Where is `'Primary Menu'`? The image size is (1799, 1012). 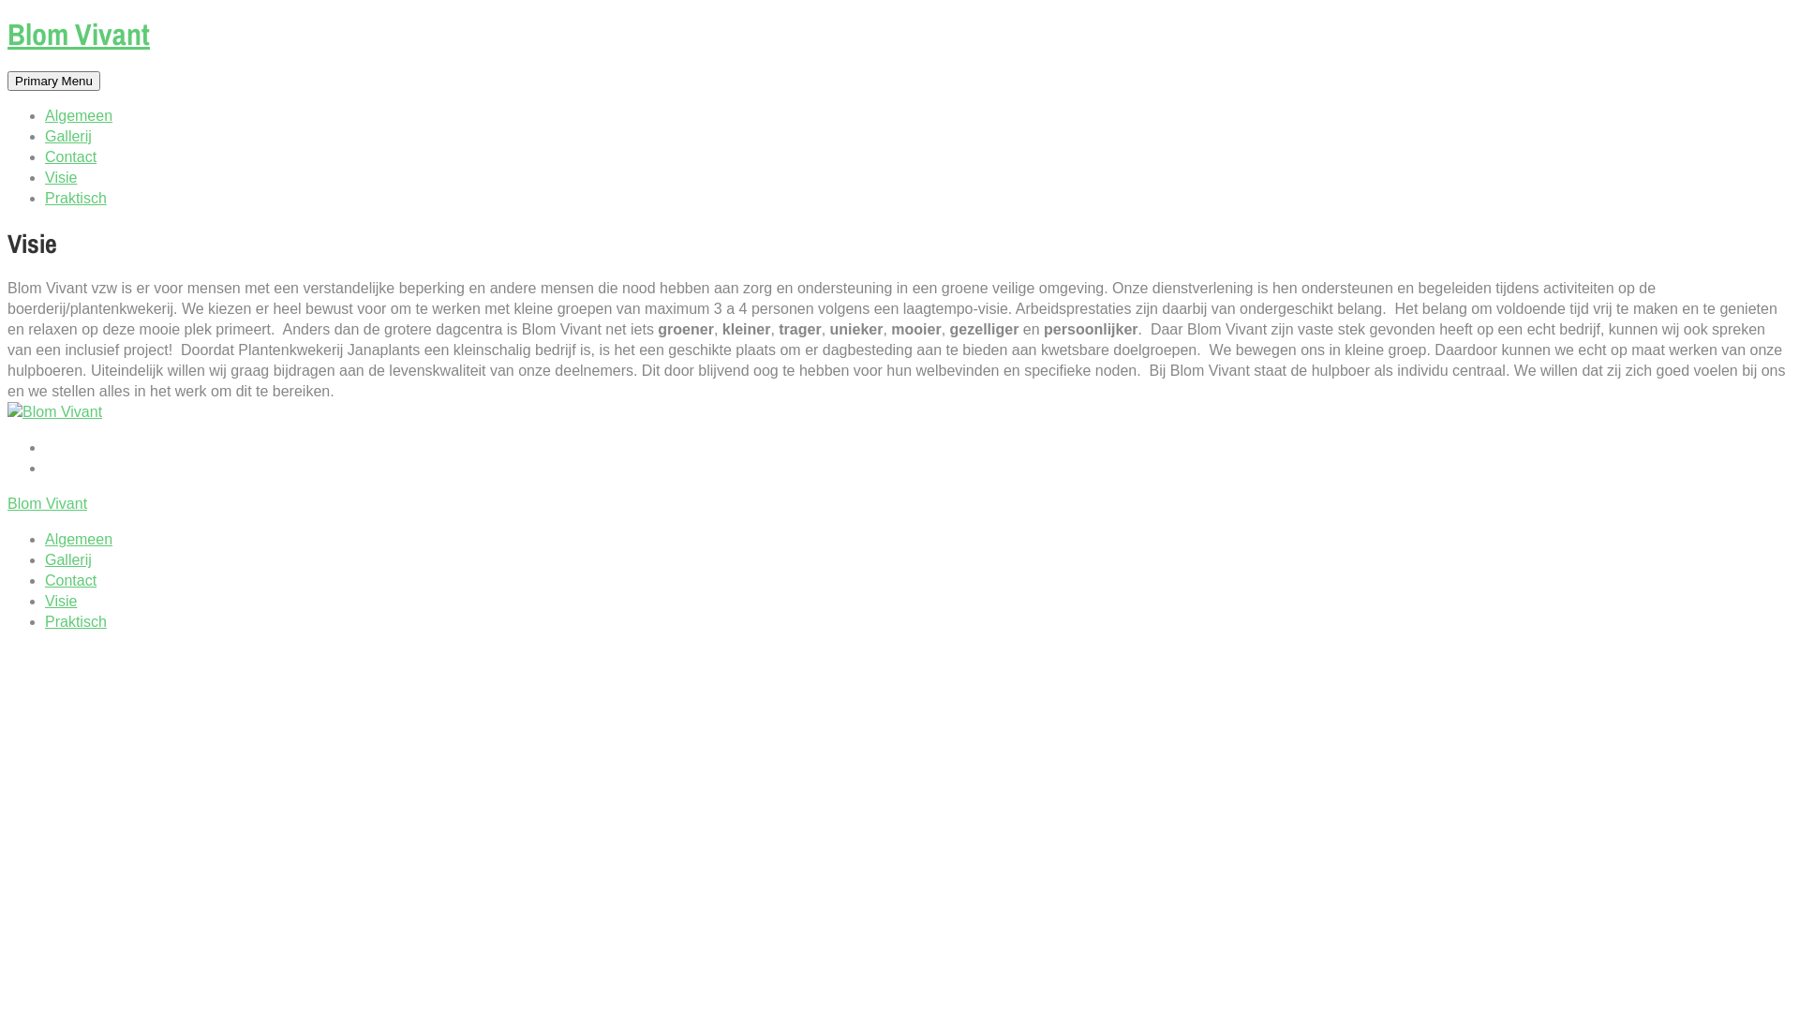 'Primary Menu' is located at coordinates (53, 80).